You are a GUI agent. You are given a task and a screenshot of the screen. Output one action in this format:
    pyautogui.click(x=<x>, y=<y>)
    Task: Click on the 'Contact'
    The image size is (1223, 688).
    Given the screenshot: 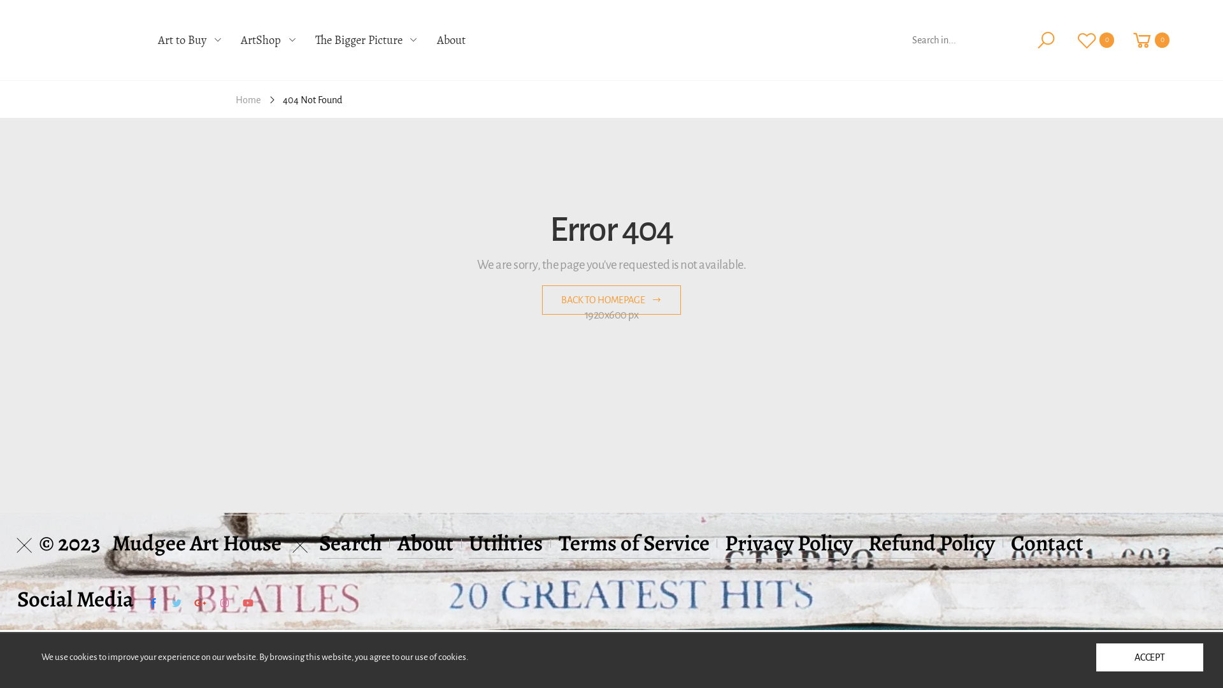 What is the action you would take?
    pyautogui.click(x=1047, y=543)
    